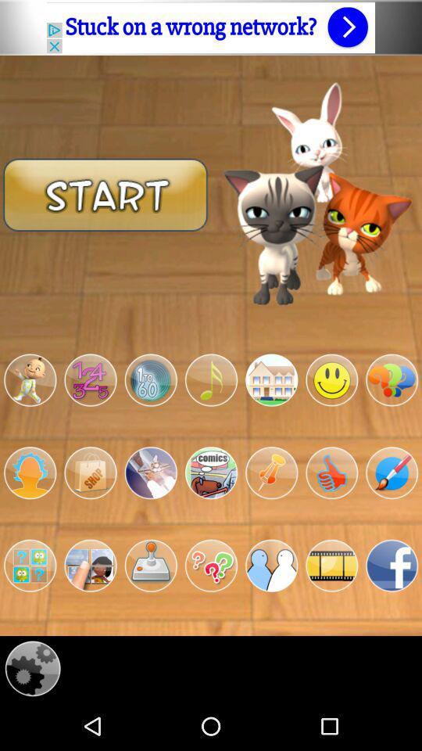 The image size is (422, 751). Describe the element at coordinates (331, 472) in the screenshot. I see `click app` at that location.